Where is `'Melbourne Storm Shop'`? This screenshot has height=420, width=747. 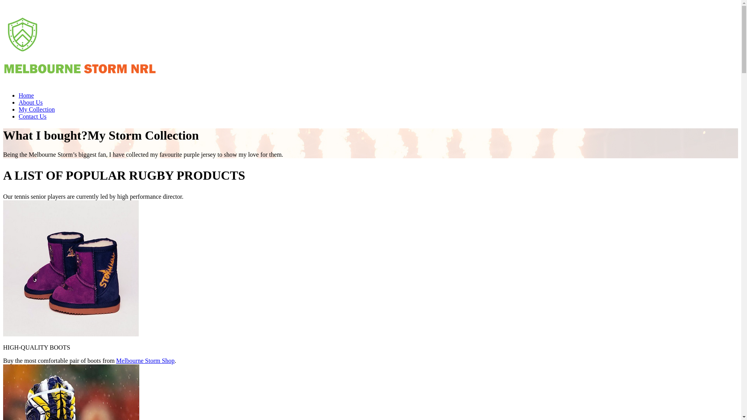 'Melbourne Storm Shop' is located at coordinates (146, 360).